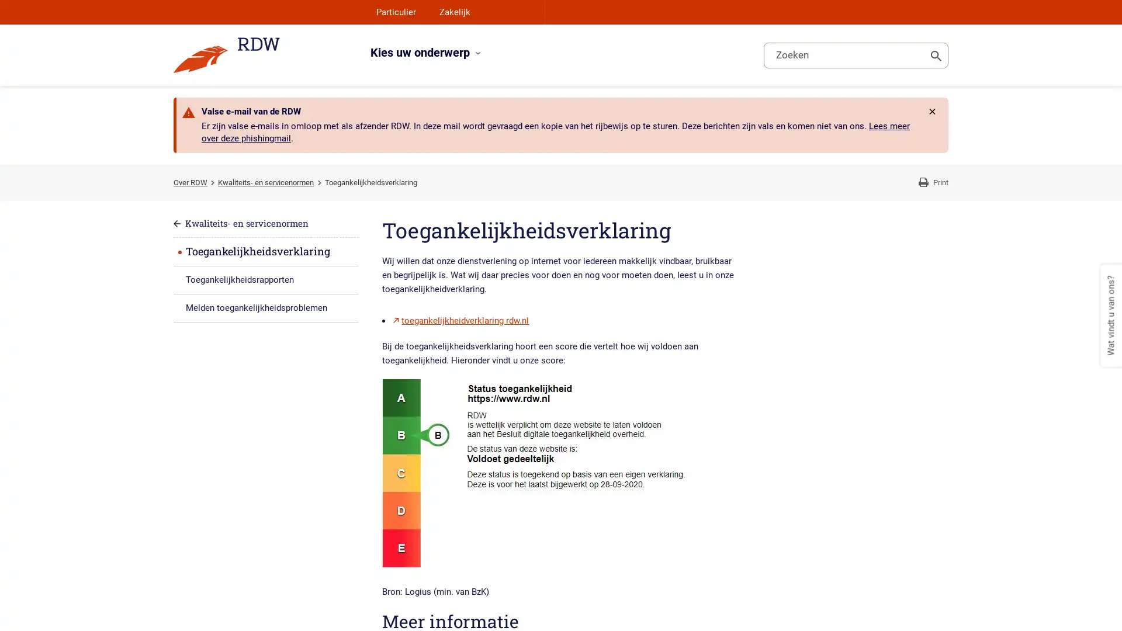  Describe the element at coordinates (936, 56) in the screenshot. I see `Toon zoeken` at that location.